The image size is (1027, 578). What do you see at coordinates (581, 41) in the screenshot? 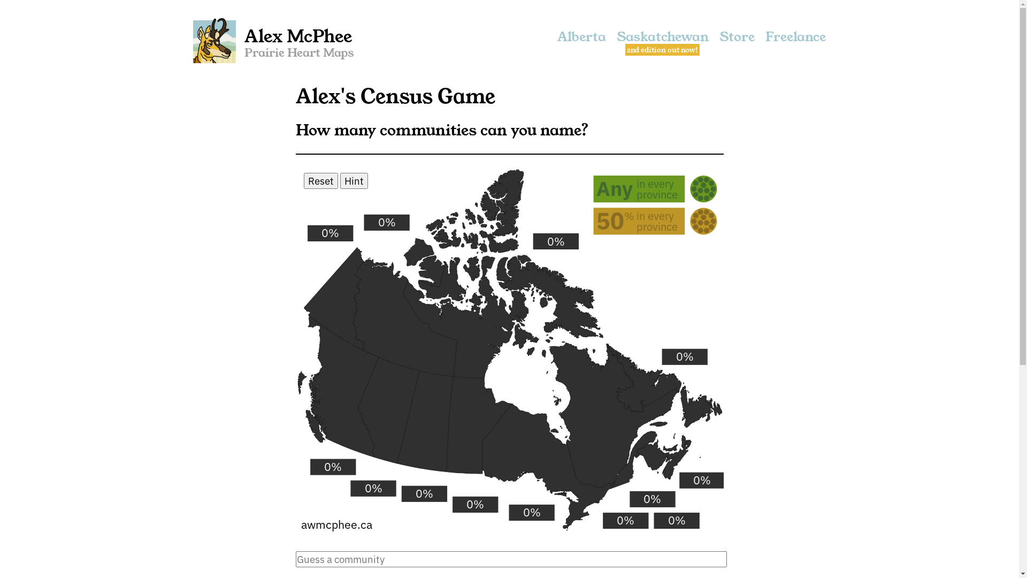
I see `'Alberta'` at bounding box center [581, 41].